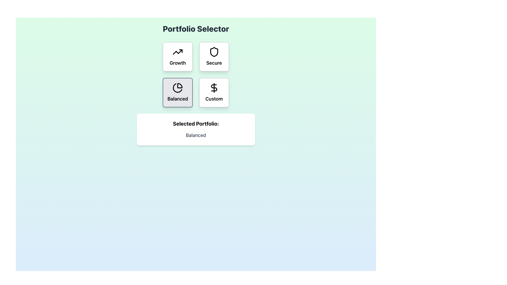 This screenshot has width=507, height=285. Describe the element at coordinates (178, 57) in the screenshot. I see `the 'Growth' button, which is a rectangular button with a white background and an upward trending arrow icon, located in the upper-left part of a grid of buttons` at that location.